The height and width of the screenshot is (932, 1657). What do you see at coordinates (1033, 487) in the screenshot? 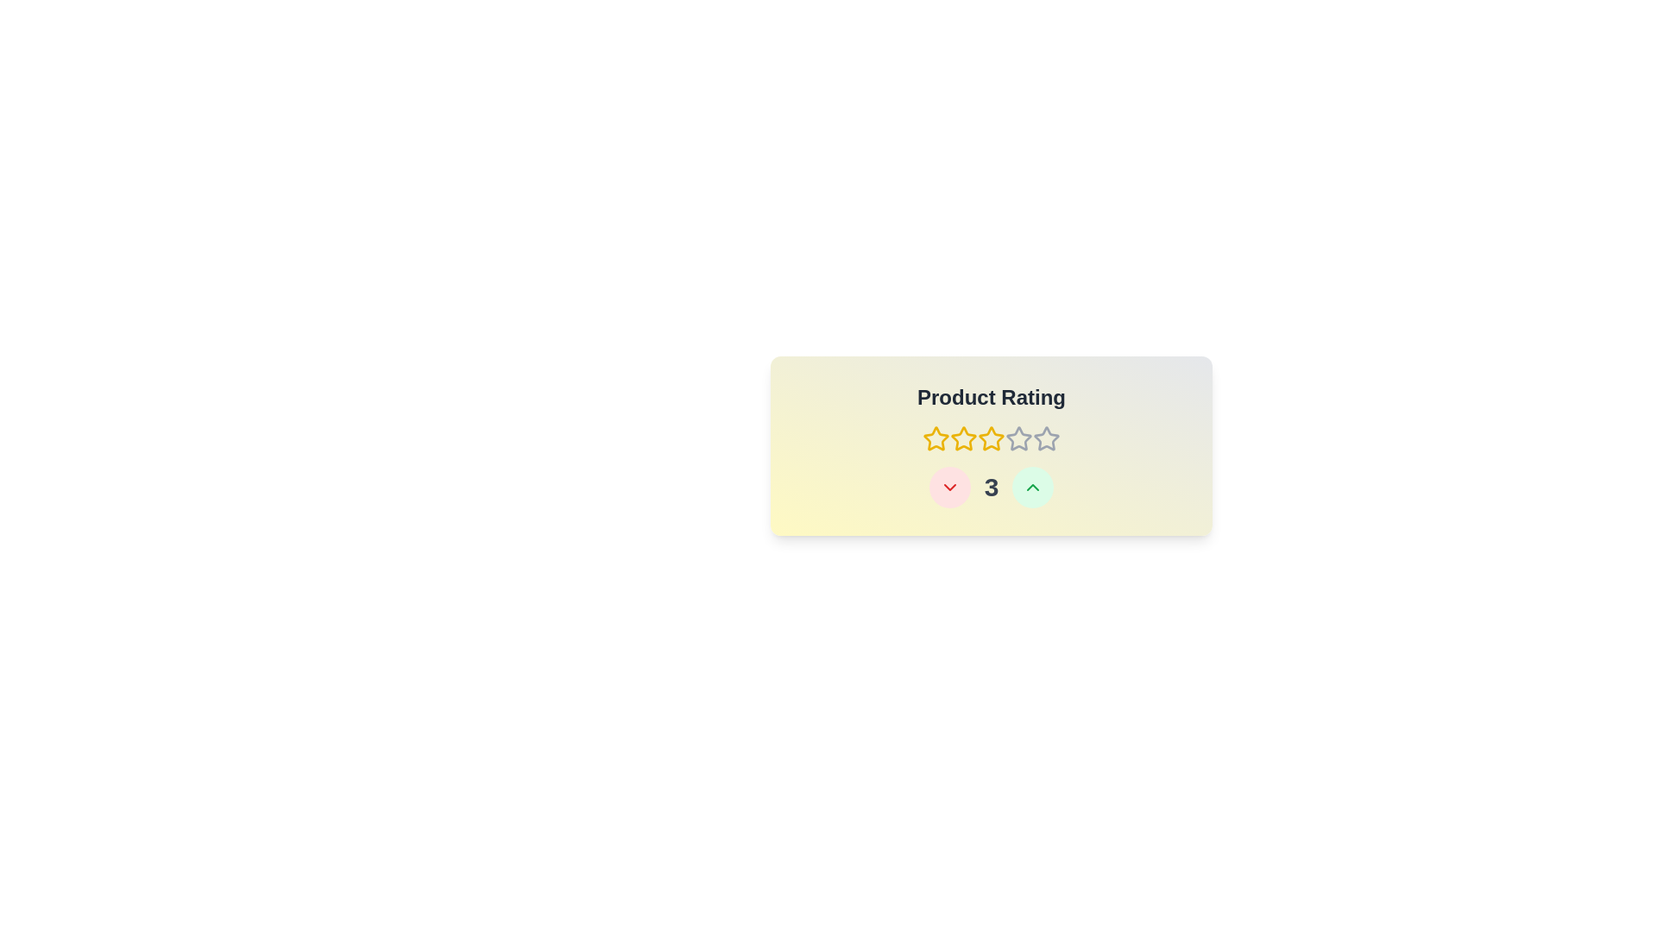
I see `the circular green button with an upward-pointing chevron icon located to the right of the number '3' to increase the rating` at bounding box center [1033, 487].